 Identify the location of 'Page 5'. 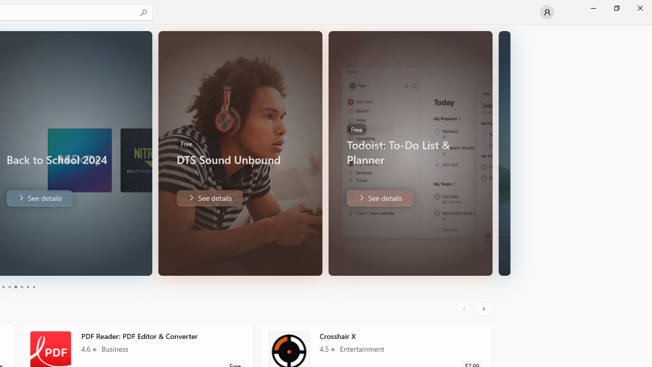
(28, 287).